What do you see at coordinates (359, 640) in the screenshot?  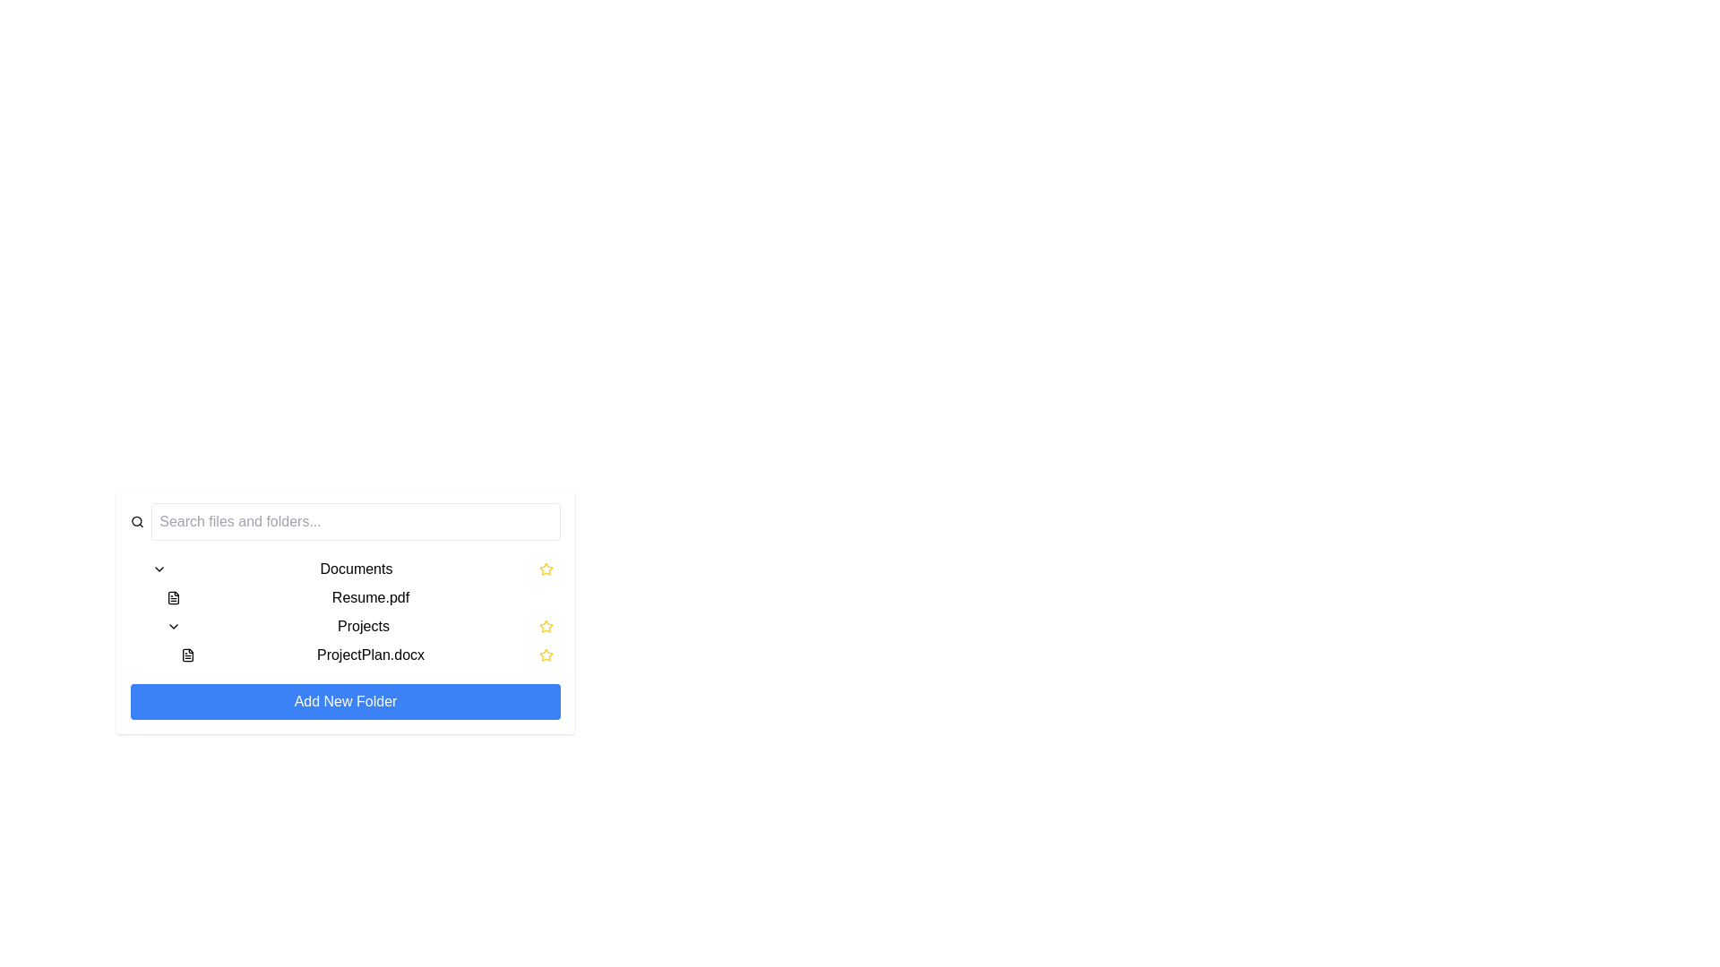 I see `the text label displaying 'ProjectsProjectPlan.docx', which is the second item in the 'Projects' folder of the dropdown menu` at bounding box center [359, 640].